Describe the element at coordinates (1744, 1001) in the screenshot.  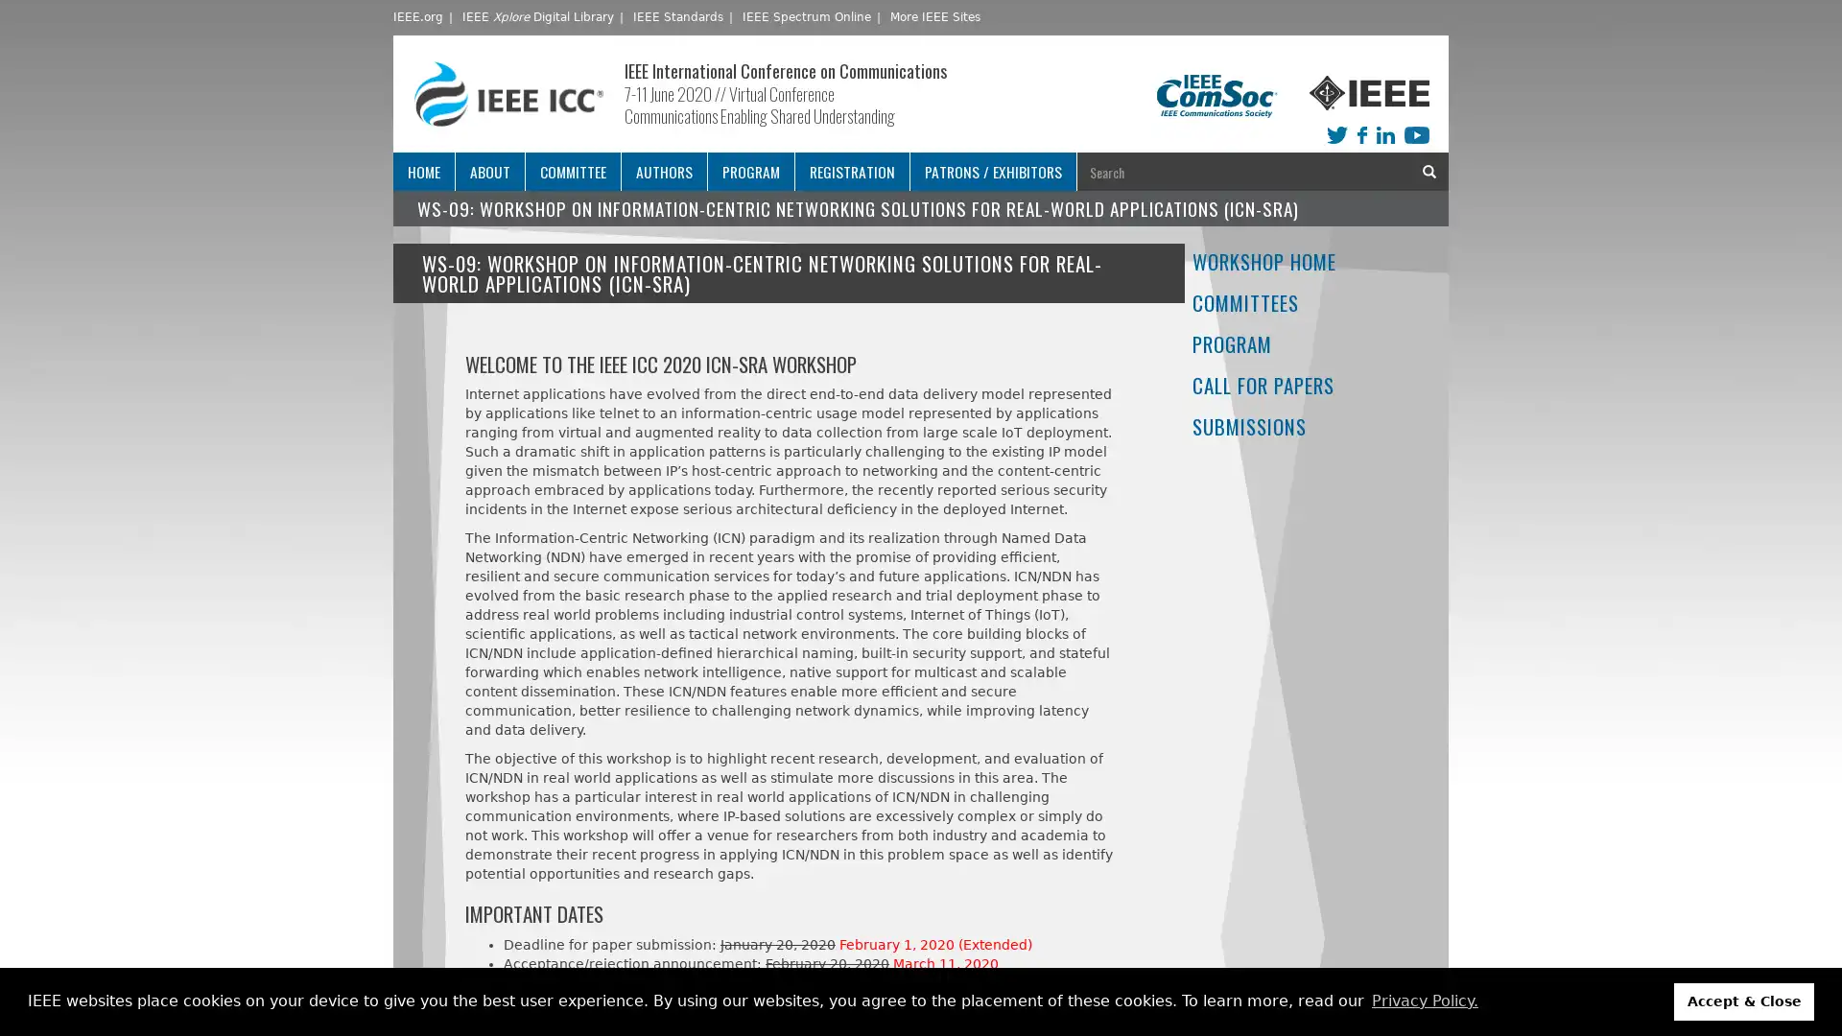
I see `dismiss cookie message` at that location.